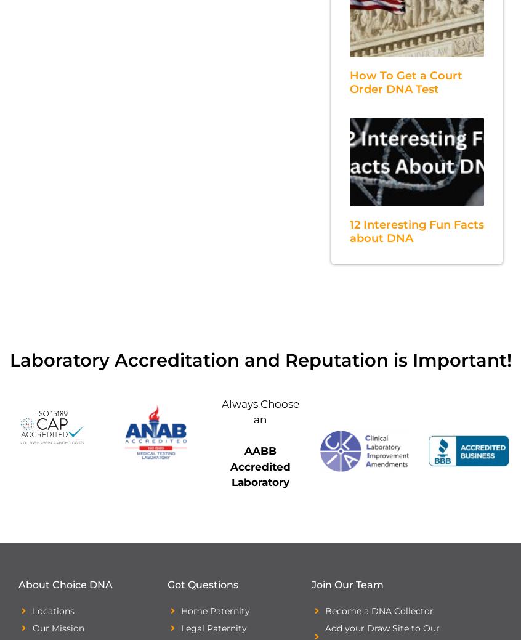 The width and height of the screenshot is (521, 640). What do you see at coordinates (347, 585) in the screenshot?
I see `'Join Our Team'` at bounding box center [347, 585].